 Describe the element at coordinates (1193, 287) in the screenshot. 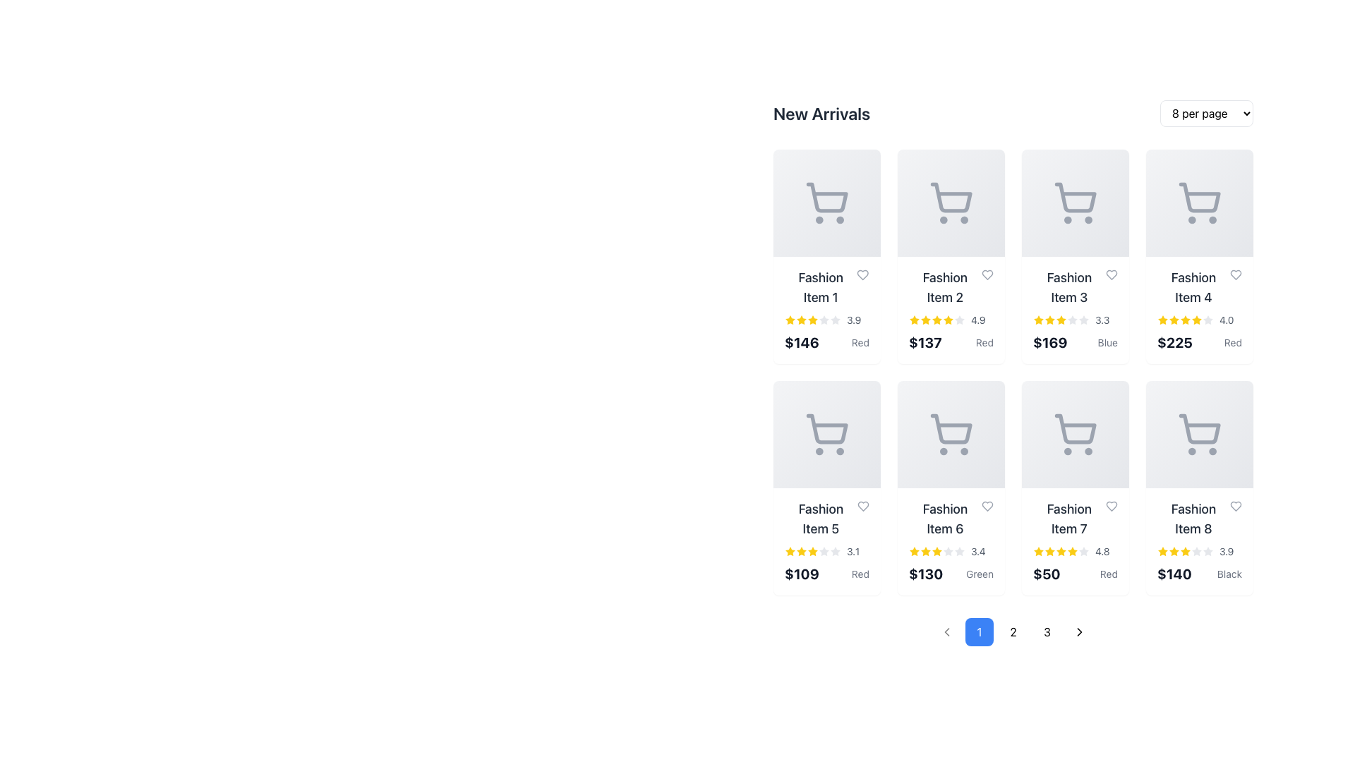

I see `the textual label displaying 'Fashion Item 4', which is prominently styled in bold, dark font and located in the top row, fourth column of the product grid` at that location.